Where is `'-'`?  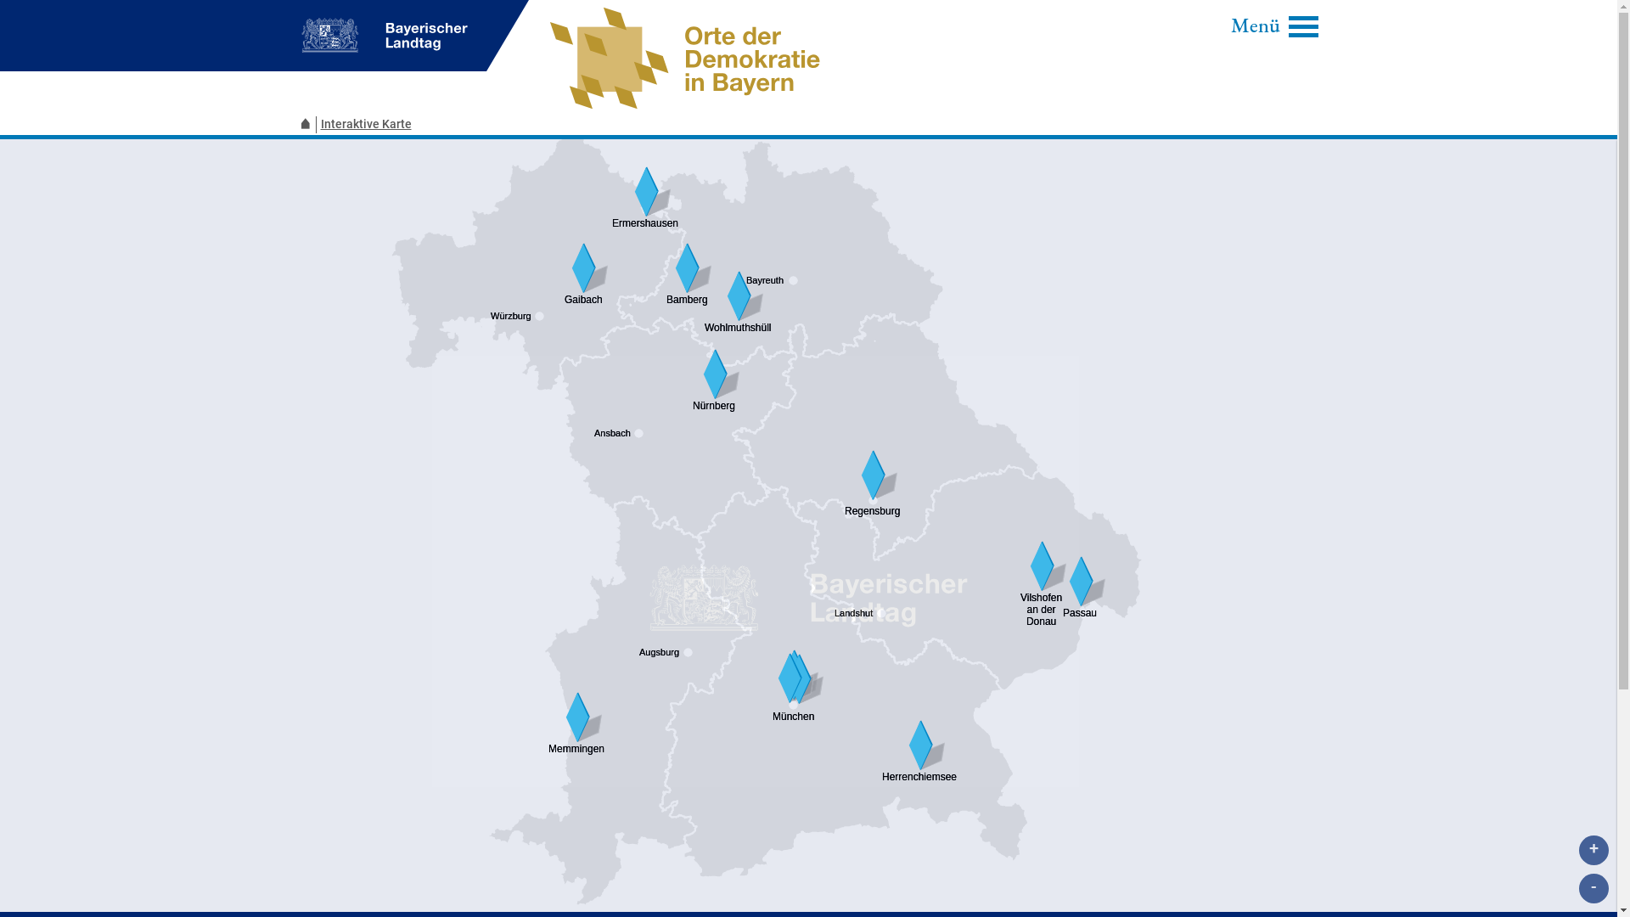 '-' is located at coordinates (1593, 887).